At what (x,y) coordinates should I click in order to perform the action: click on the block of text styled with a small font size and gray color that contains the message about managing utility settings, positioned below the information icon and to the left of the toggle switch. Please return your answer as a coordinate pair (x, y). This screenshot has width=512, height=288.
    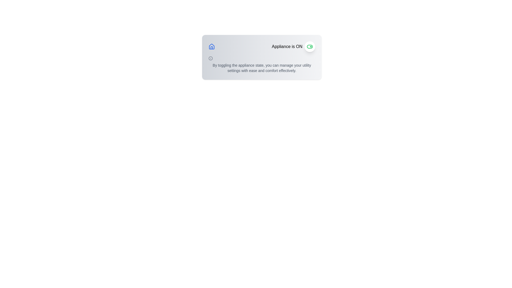
    Looking at the image, I should click on (262, 67).